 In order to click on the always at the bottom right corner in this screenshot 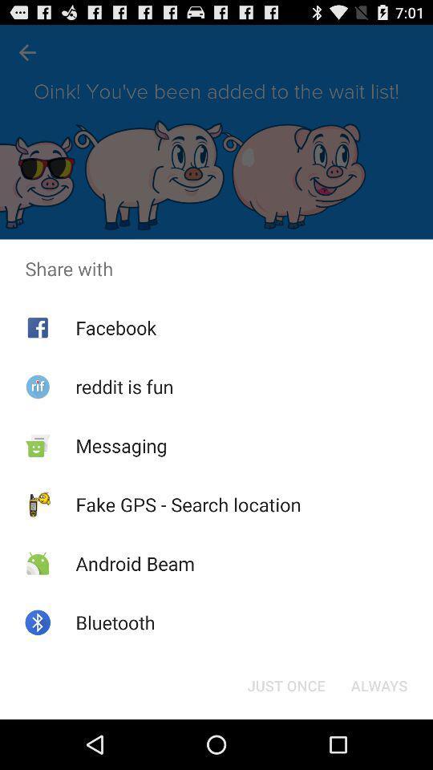, I will do `click(378, 684)`.